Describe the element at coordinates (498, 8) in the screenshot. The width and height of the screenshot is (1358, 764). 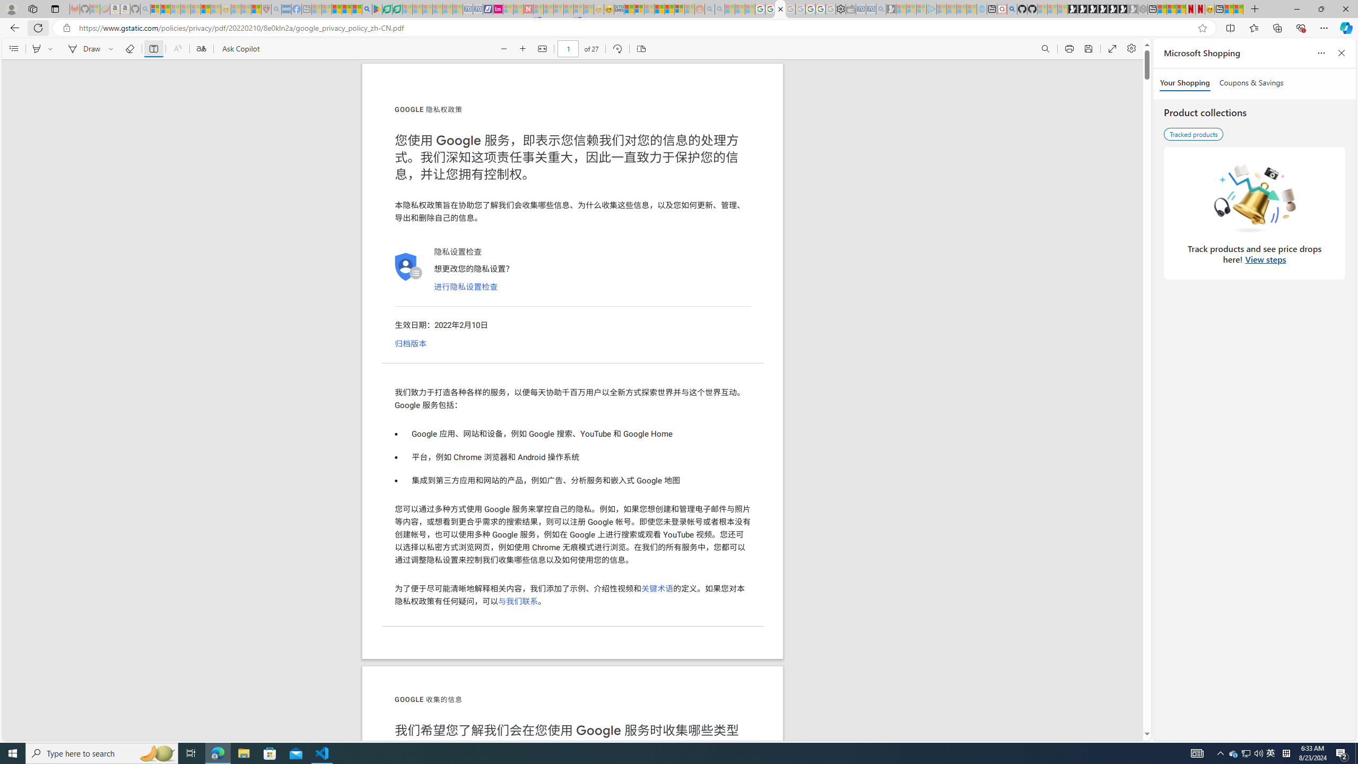
I see `'Jobs - lastminute.com Investor Portal'` at that location.